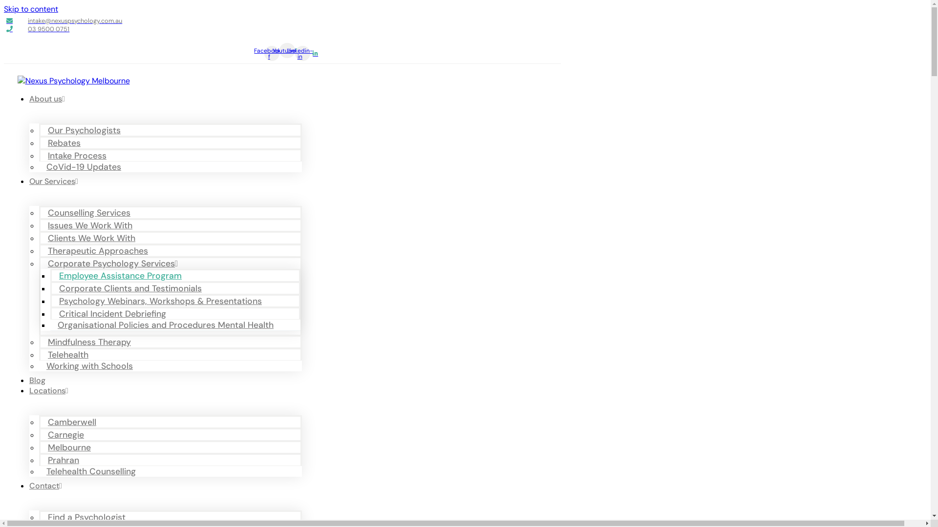 Image resolution: width=938 pixels, height=527 pixels. Describe the element at coordinates (132, 287) in the screenshot. I see `'Corporate Clients and Testimonials'` at that location.